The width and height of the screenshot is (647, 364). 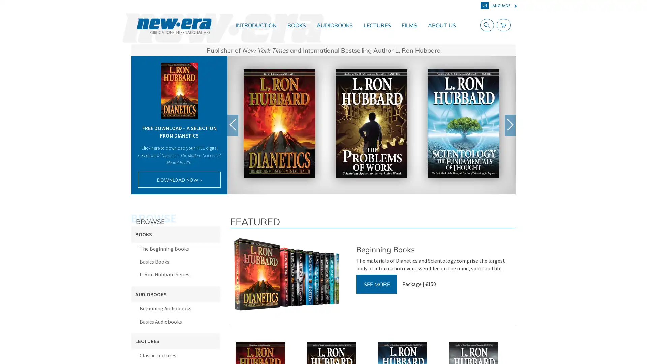 I want to click on Next slide, so click(x=510, y=125).